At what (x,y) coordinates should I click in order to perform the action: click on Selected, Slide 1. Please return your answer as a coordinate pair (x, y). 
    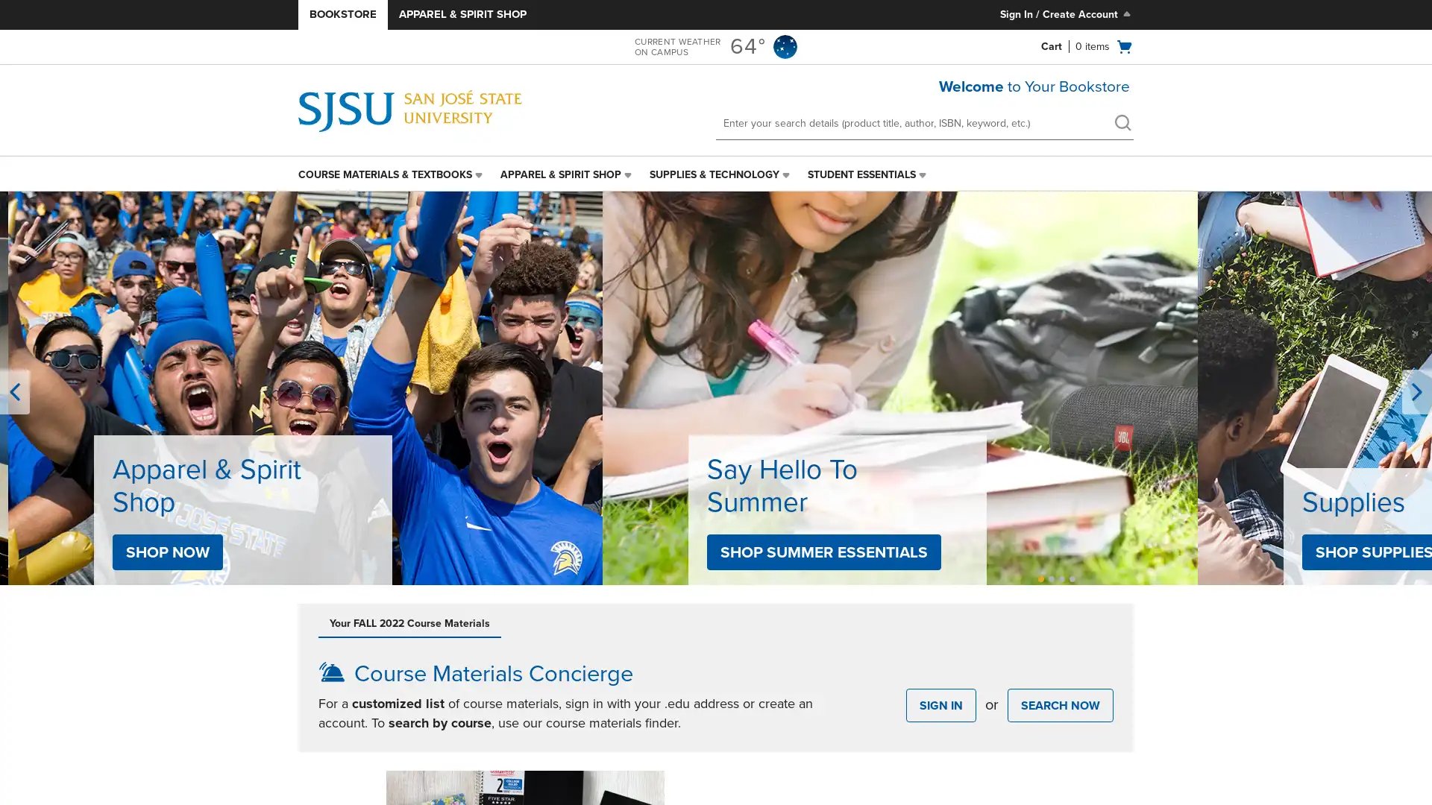
    Looking at the image, I should click on (1040, 578).